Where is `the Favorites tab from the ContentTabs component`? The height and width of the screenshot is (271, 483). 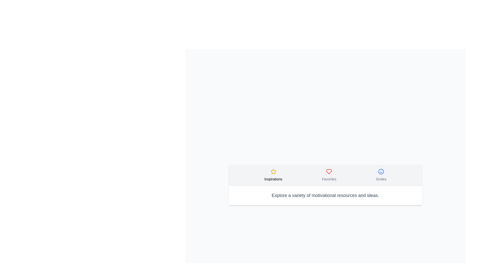
the Favorites tab from the ContentTabs component is located at coordinates (329, 175).